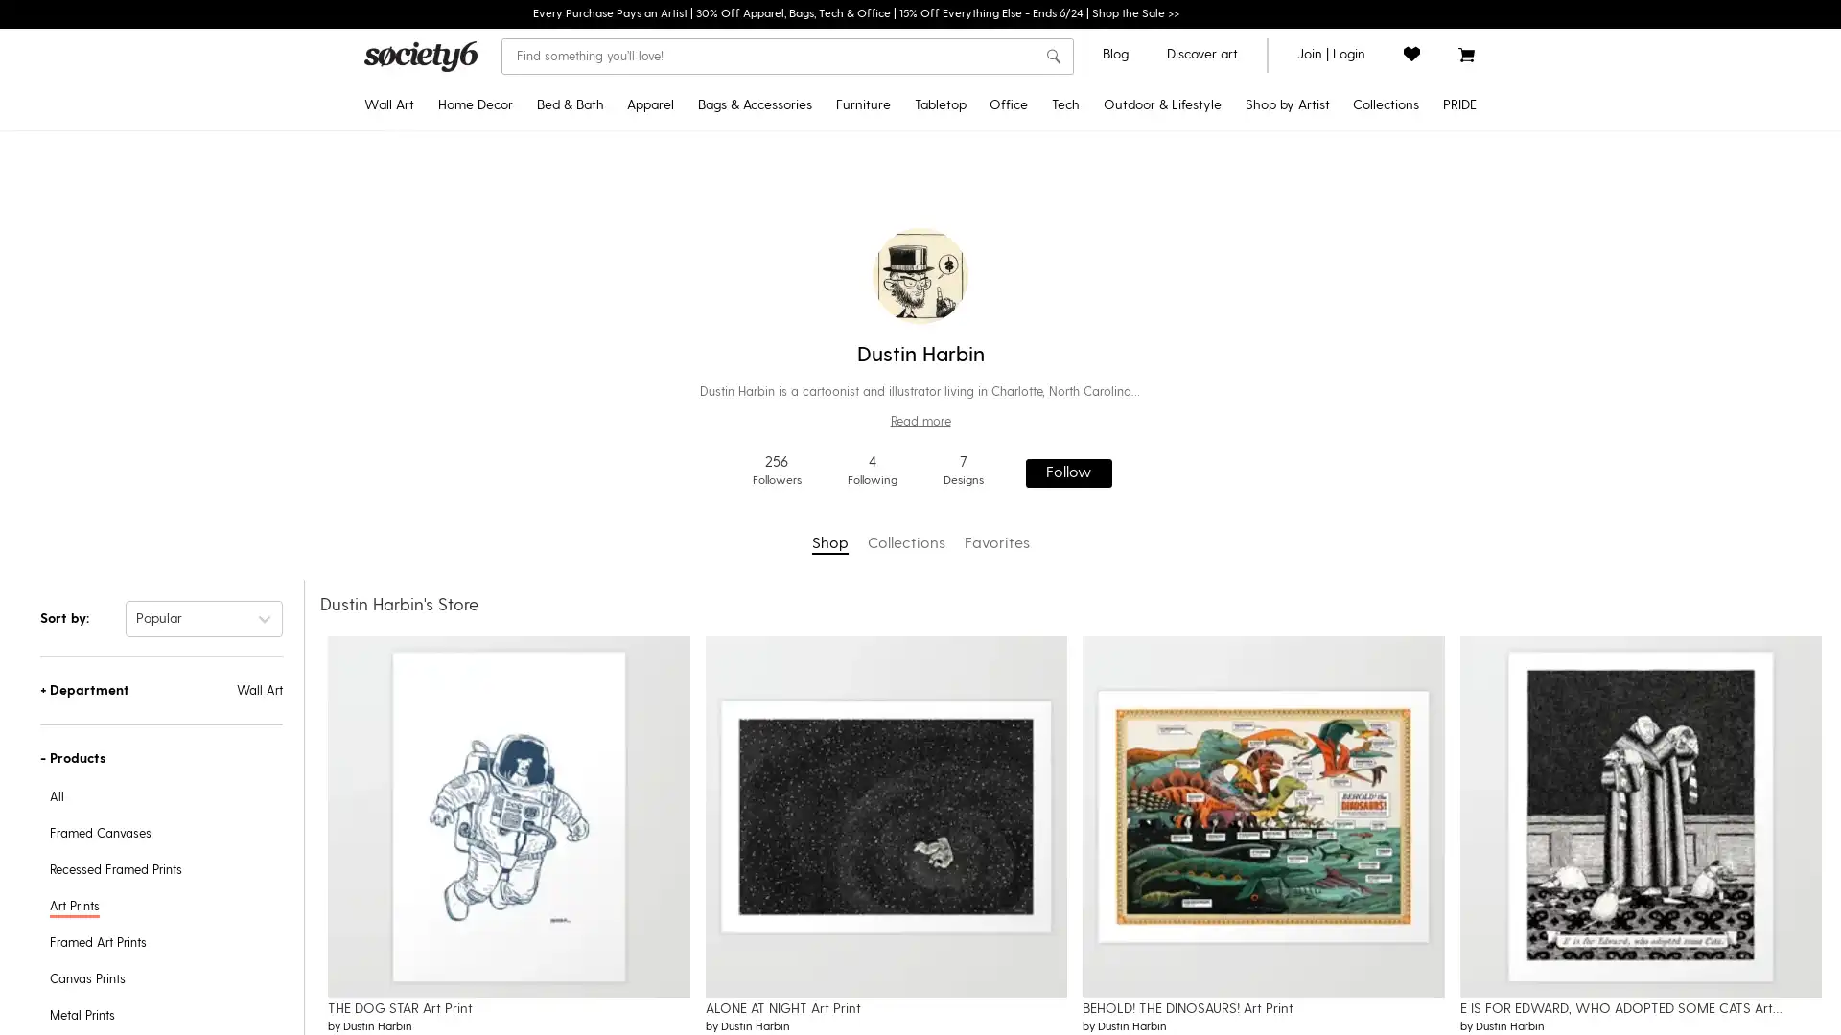 The image size is (1841, 1035). Describe the element at coordinates (1133, 215) in the screenshot. I see `iPhone Wallet Cases` at that location.